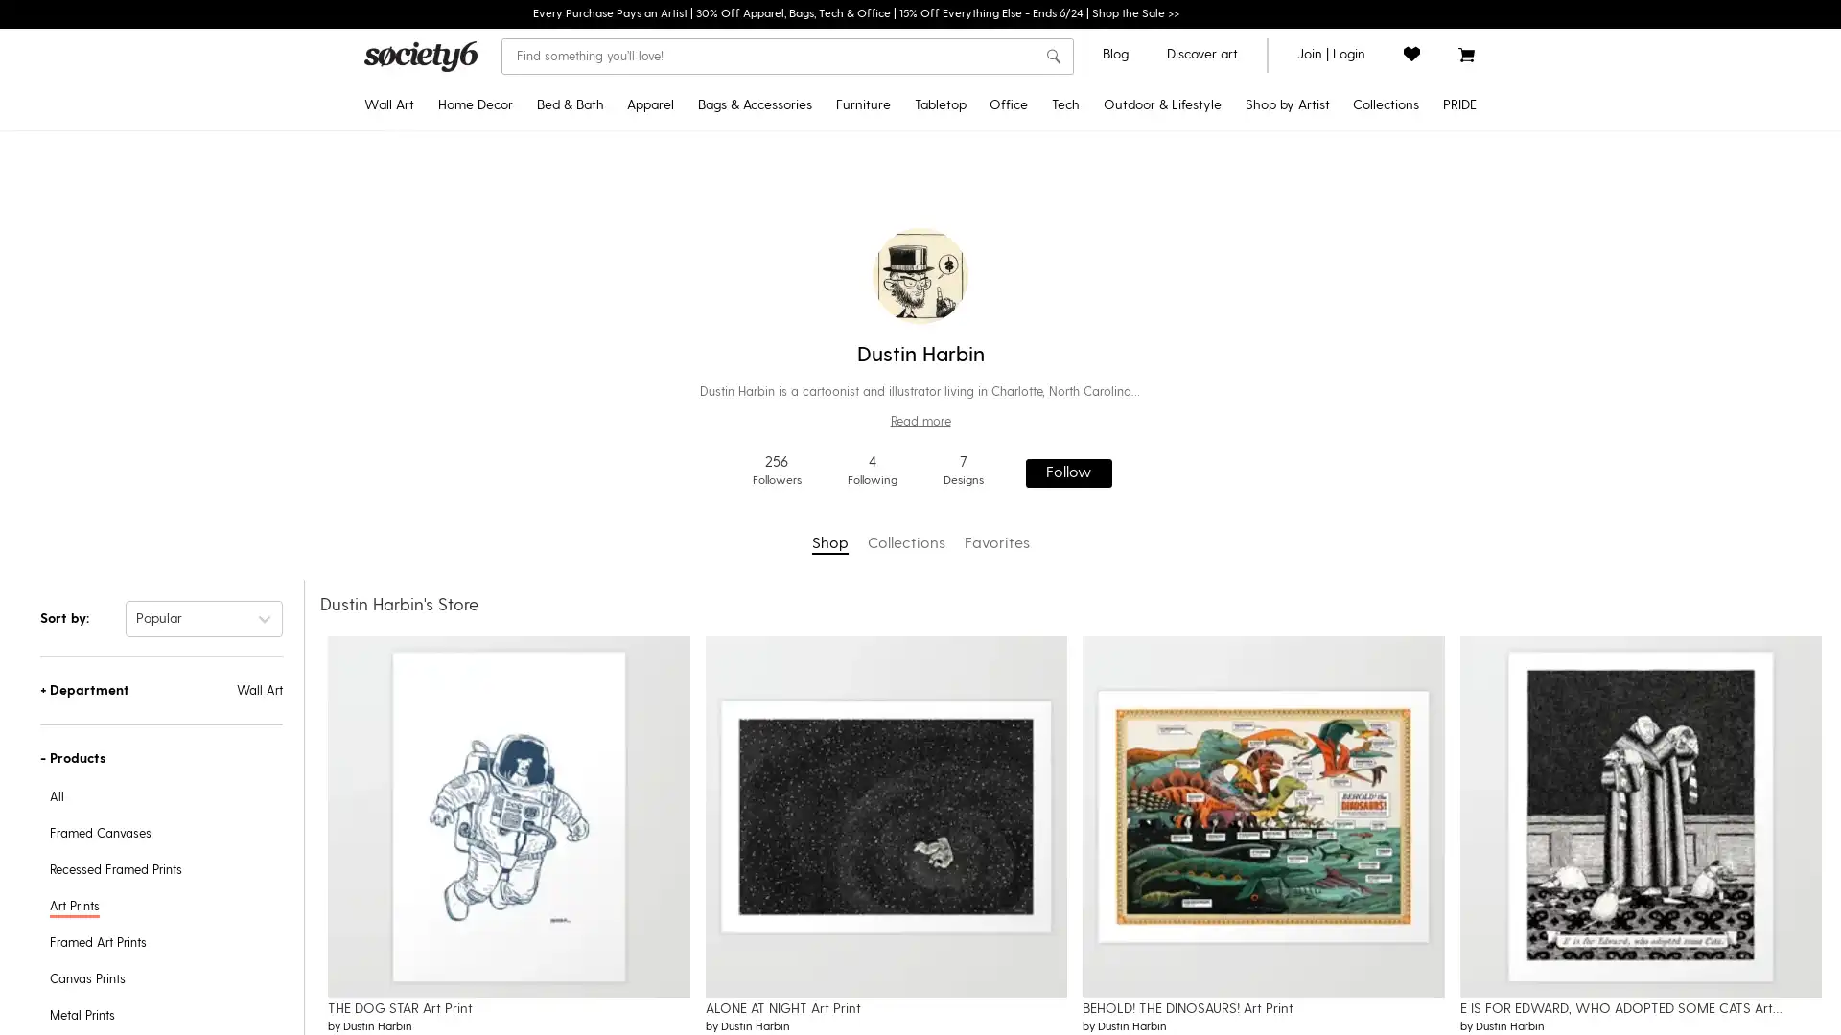 The image size is (1841, 1035). Describe the element at coordinates (1133, 215) in the screenshot. I see `iPhone Wallet Cases` at that location.